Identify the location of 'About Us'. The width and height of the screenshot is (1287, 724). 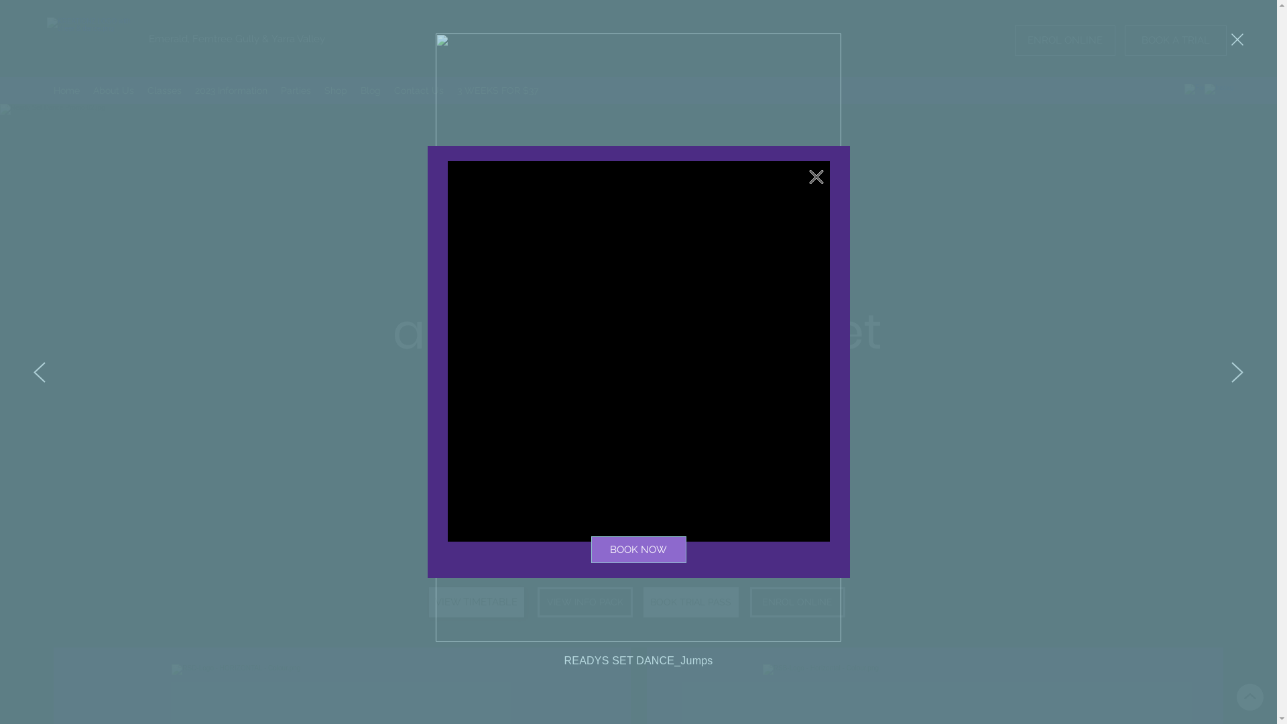
(113, 90).